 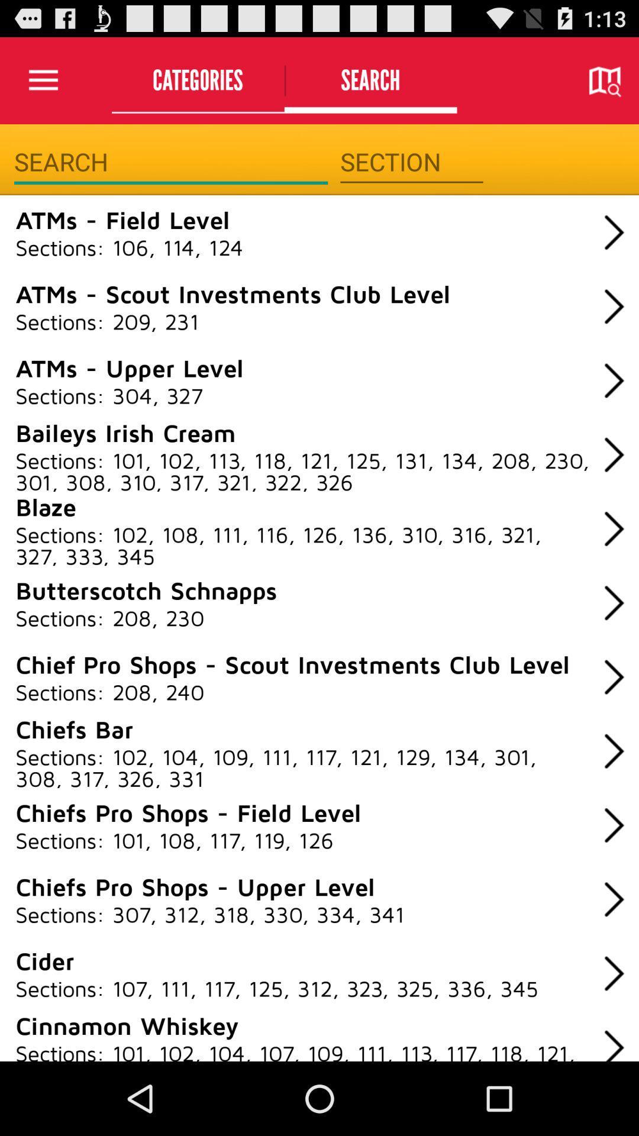 I want to click on the cinnamon whiskey item, so click(x=127, y=1024).